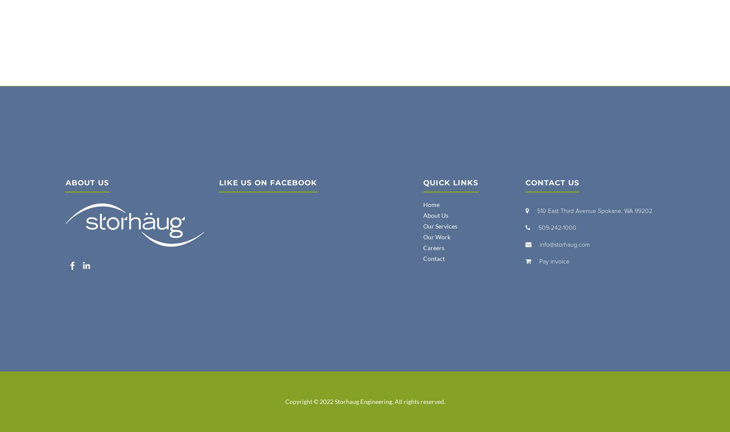 This screenshot has height=432, width=730. Describe the element at coordinates (525, 183) in the screenshot. I see `'CONTACT US'` at that location.